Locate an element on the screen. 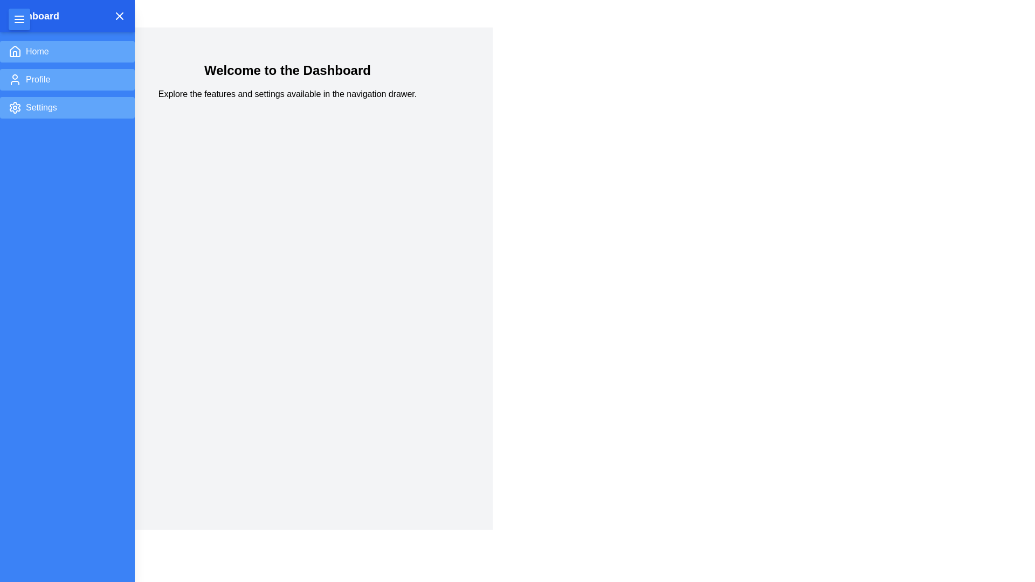  the 'menu' icon located in the circular blue button in the top-left corner to possibly reveal a tooltip is located at coordinates (19, 19).